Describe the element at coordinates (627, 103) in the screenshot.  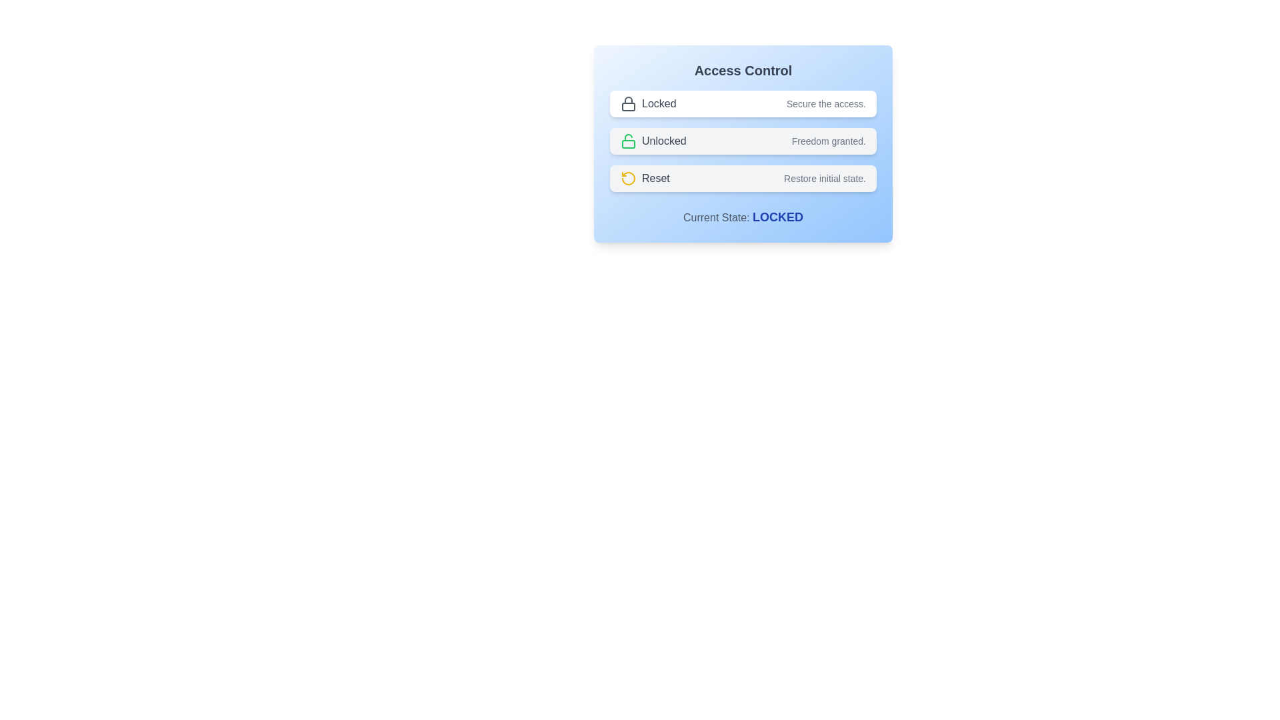
I see `the icon to change the state to locked` at that location.